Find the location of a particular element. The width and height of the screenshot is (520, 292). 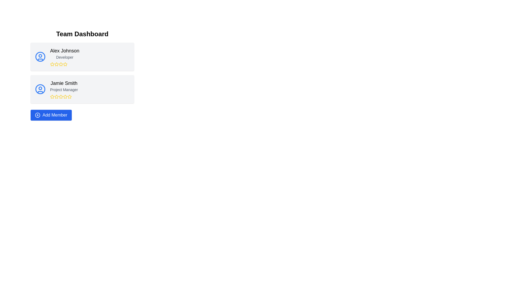

the fourth star icon in the rating display associated with 'Alex Johnson', which is styled in golden yellow and located below the name 'Alex Johnson' is located at coordinates (65, 64).